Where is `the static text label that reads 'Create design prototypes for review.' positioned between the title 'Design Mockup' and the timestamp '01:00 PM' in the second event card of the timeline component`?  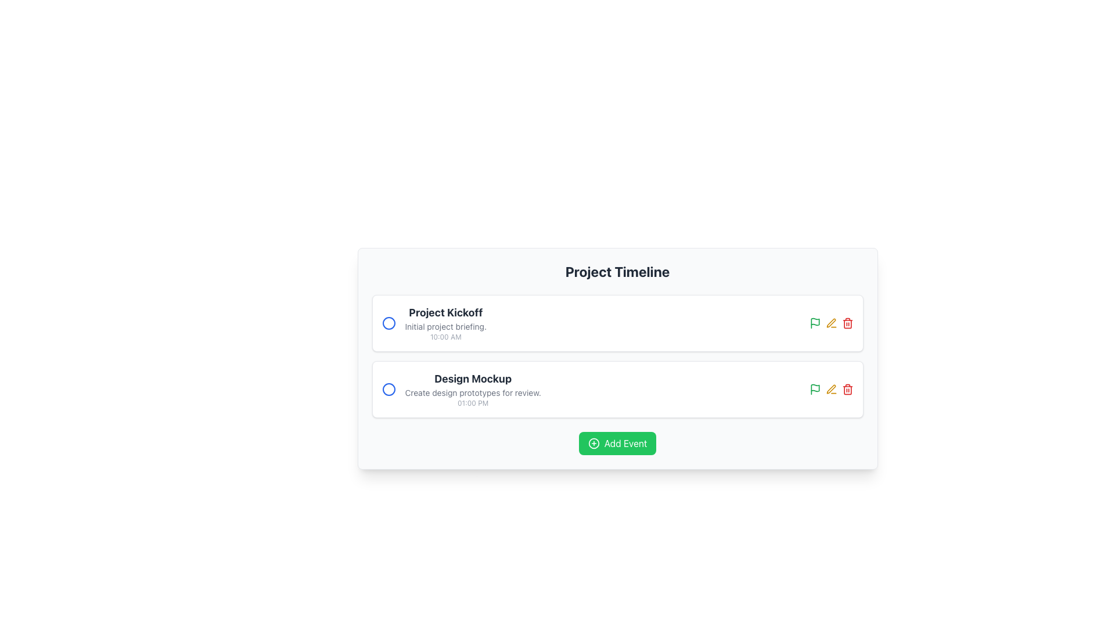
the static text label that reads 'Create design prototypes for review.' positioned between the title 'Design Mockup' and the timestamp '01:00 PM' in the second event card of the timeline component is located at coordinates (473, 392).